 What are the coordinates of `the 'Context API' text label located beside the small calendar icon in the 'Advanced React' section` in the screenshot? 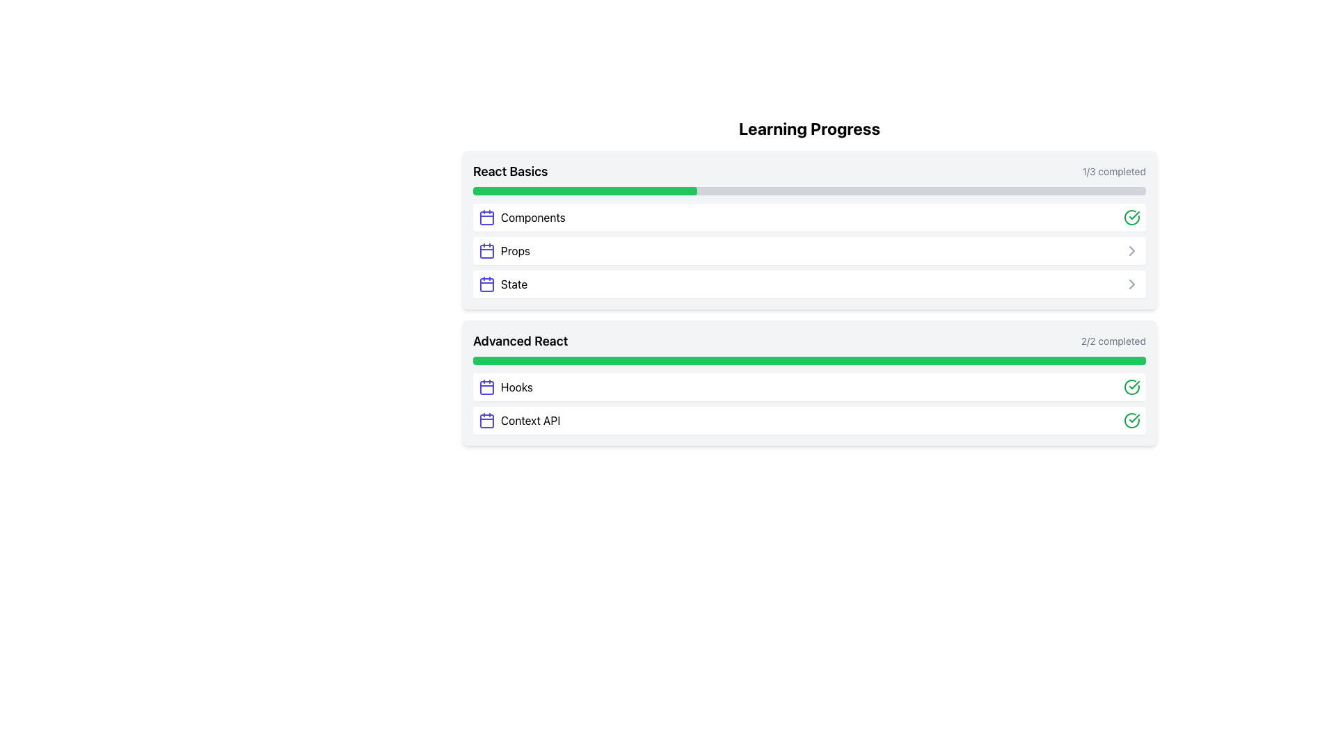 It's located at (530, 420).